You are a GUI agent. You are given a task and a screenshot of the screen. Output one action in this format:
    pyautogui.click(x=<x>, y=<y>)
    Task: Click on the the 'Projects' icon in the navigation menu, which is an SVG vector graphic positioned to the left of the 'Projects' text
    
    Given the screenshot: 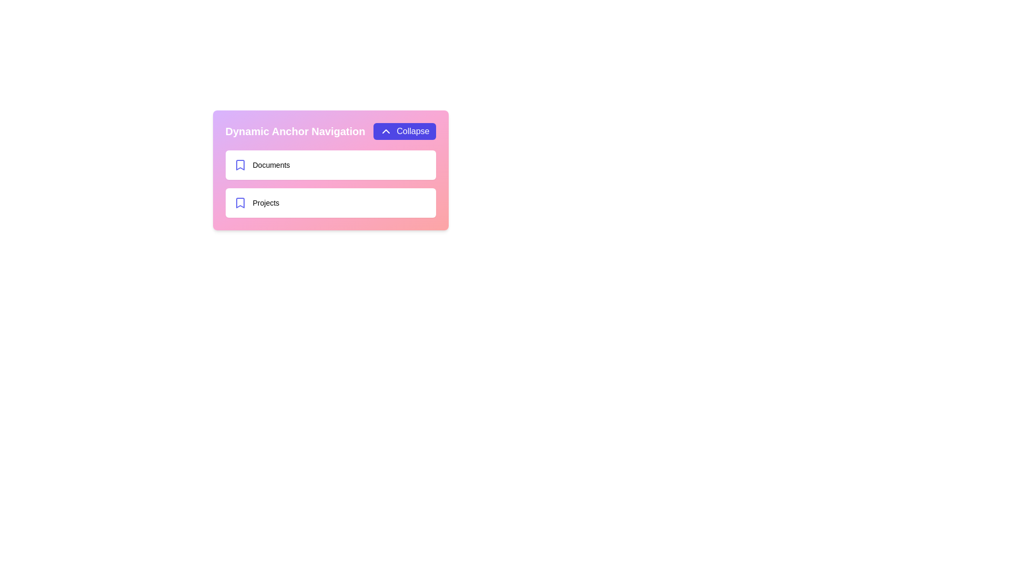 What is the action you would take?
    pyautogui.click(x=239, y=202)
    